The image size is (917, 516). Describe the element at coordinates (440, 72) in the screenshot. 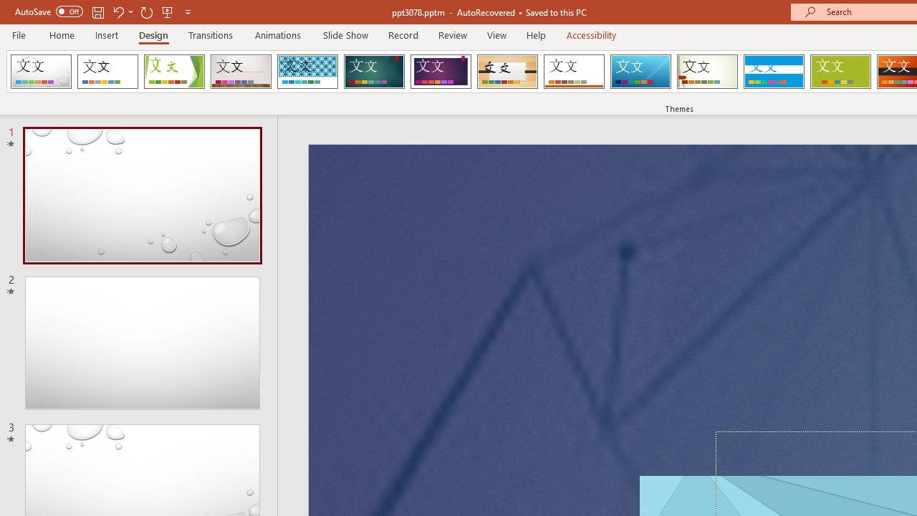

I see `'Ion Boardroom'` at that location.